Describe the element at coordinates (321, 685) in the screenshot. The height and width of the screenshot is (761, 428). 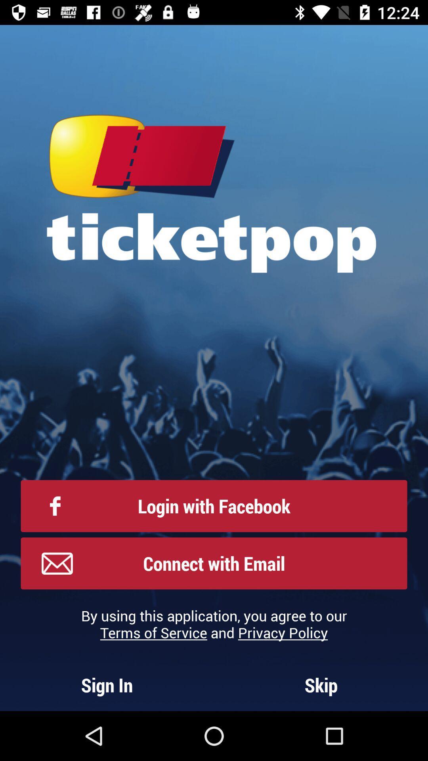
I see `icon below by using this item` at that location.